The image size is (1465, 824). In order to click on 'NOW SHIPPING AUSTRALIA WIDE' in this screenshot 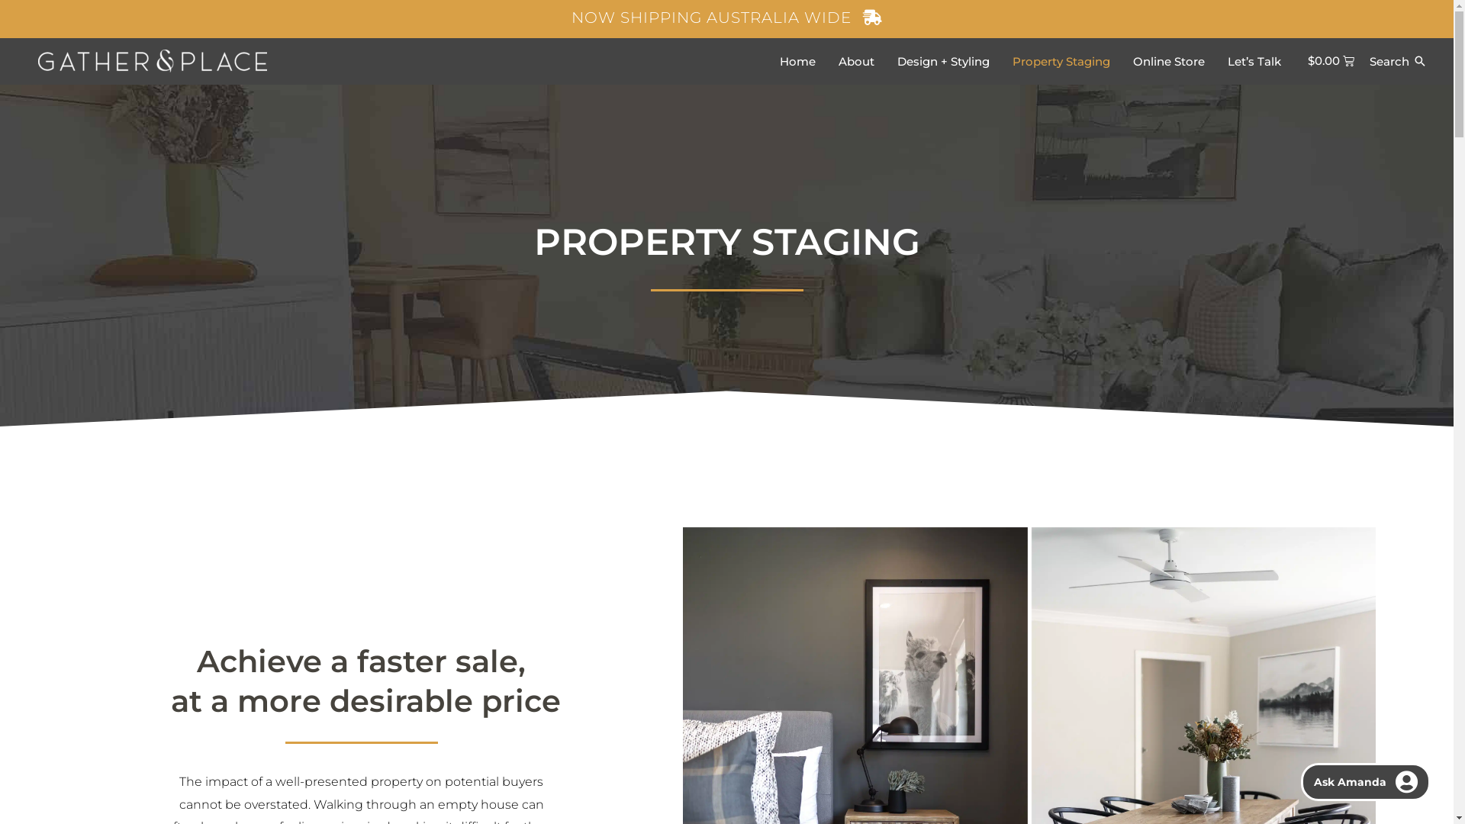, I will do `click(725, 18)`.